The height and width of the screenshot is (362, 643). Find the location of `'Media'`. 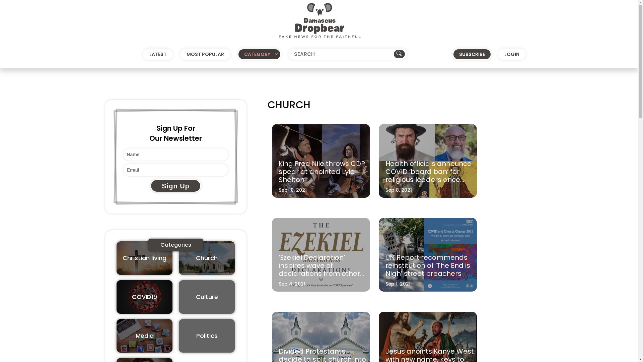

'Media' is located at coordinates (144, 336).